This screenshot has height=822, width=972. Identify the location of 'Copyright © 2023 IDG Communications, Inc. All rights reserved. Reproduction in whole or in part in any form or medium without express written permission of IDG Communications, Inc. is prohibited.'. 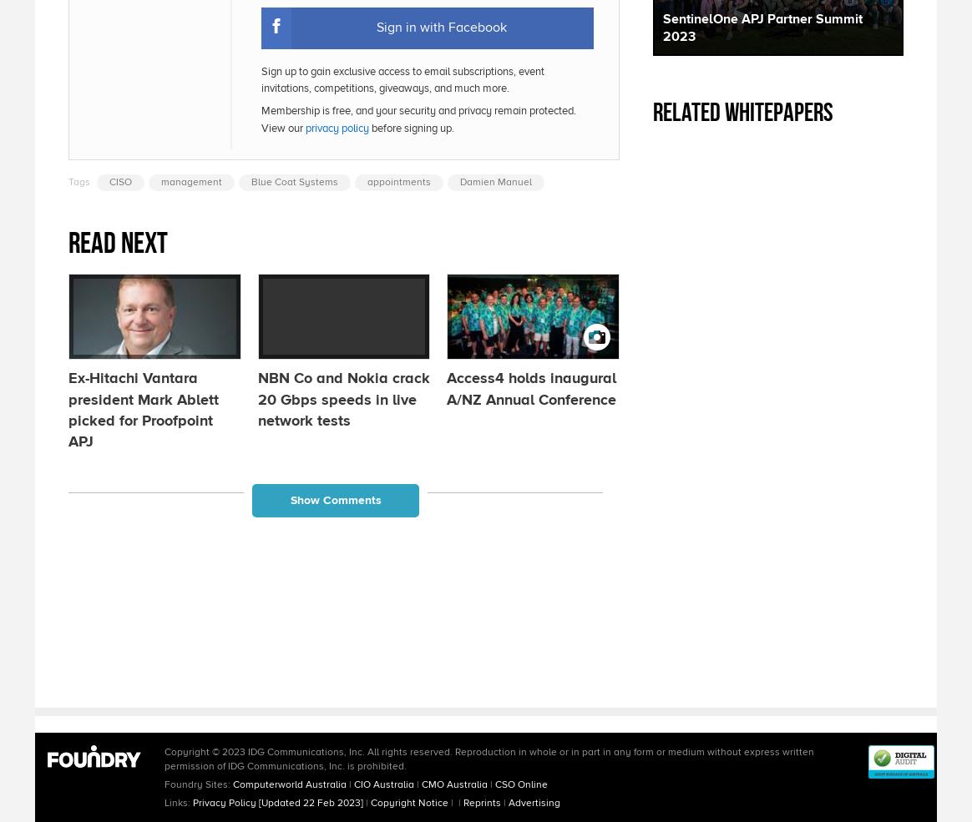
(489, 758).